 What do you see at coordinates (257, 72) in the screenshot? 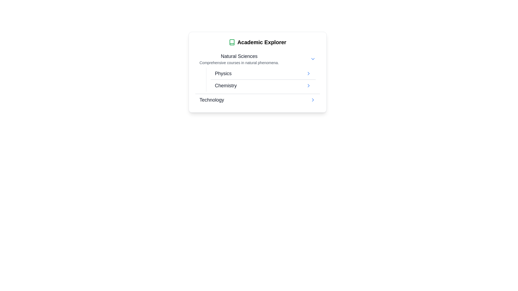
I see `the first sub-item in the 'Natural Sciences' section, which serves as a navigation link` at bounding box center [257, 72].